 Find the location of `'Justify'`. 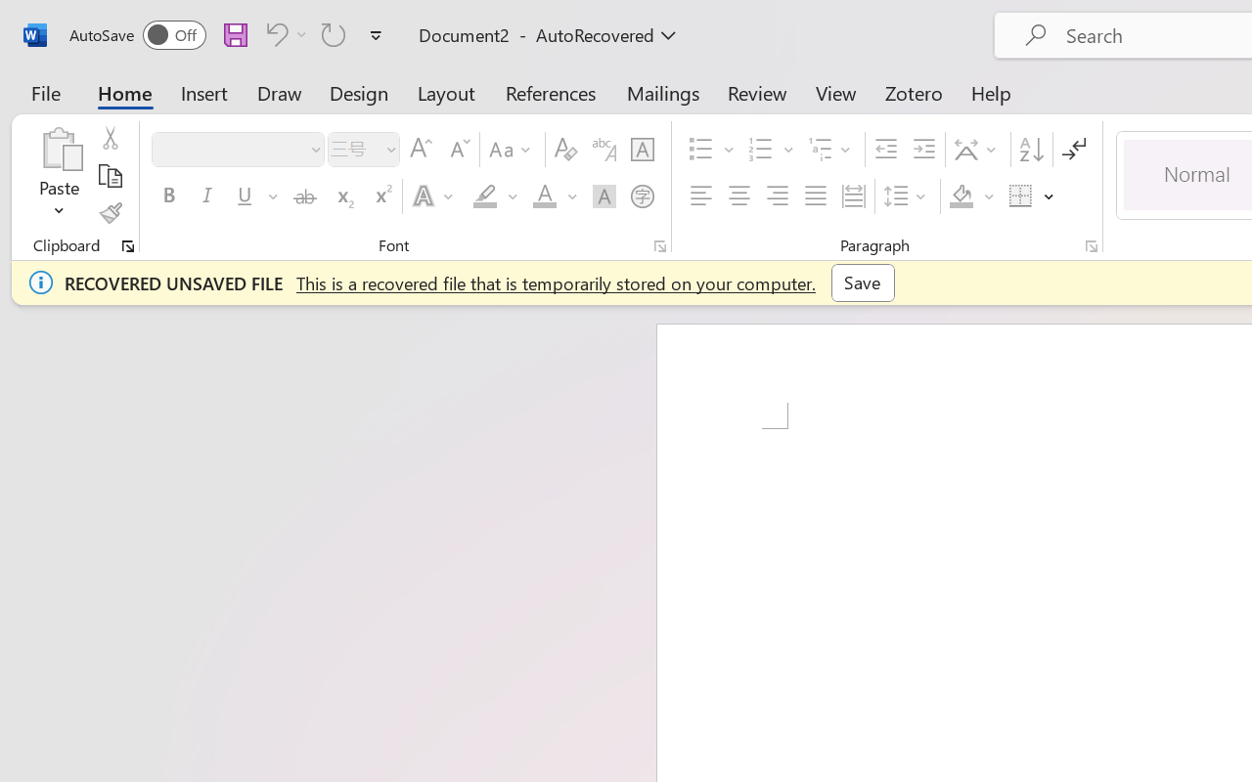

'Justify' is located at coordinates (816, 196).